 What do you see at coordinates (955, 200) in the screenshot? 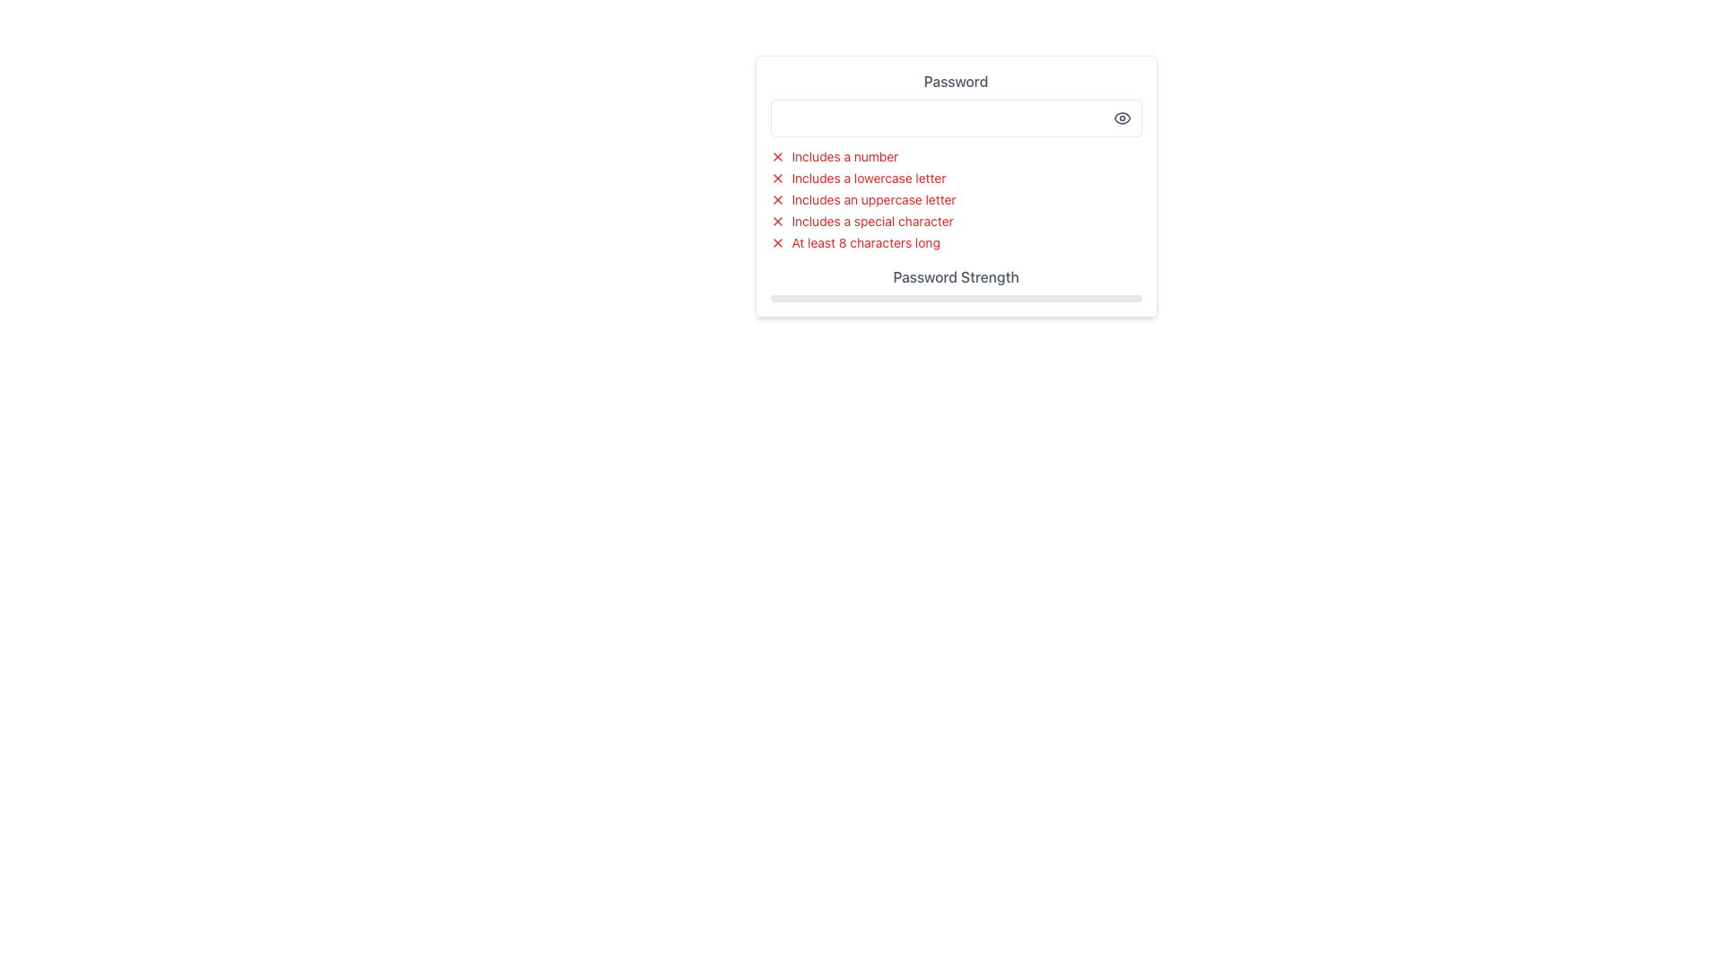
I see `the informative list displaying password requirements, which is located below the 'Password' input field and above the 'Password Strength' indicator` at bounding box center [955, 200].